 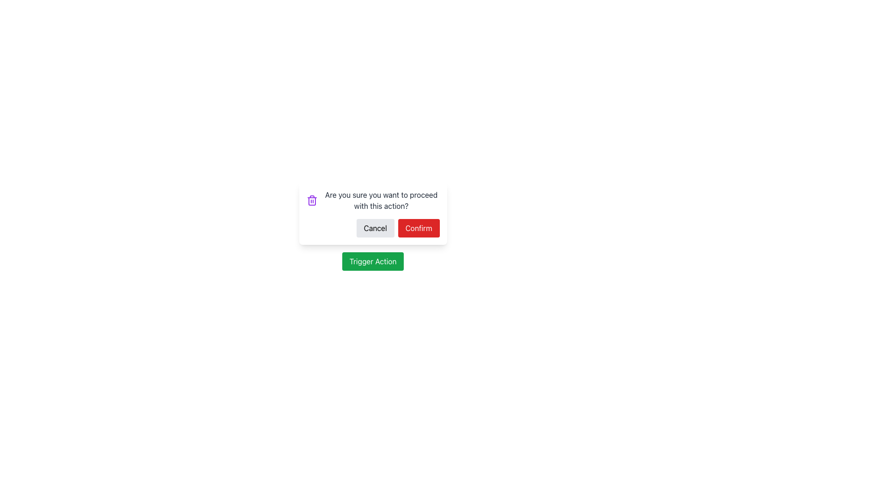 I want to click on static text label displaying the message 'Are you sure you want to proceed with this action?', which is styled in medium-gray color and located in the confirmation dialog box, so click(x=381, y=200).